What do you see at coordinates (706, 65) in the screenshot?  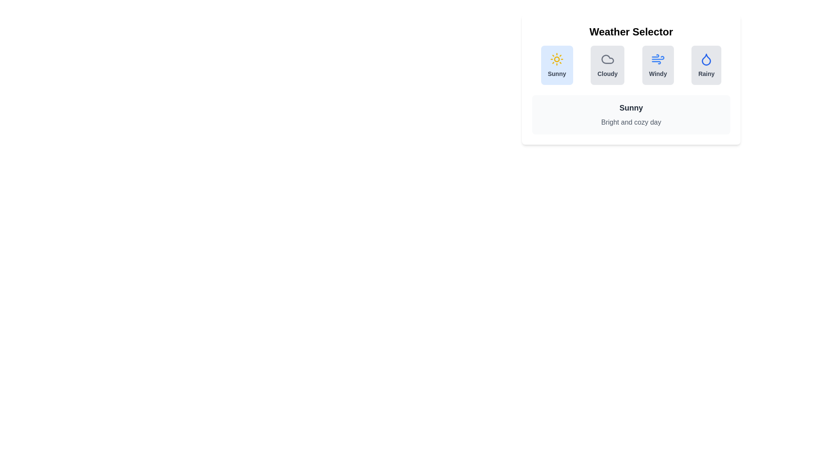 I see `the 'Rainy' button, which is a rectangular button with a rounded border, a light gray background, a blue water droplet icon at the top, and the label 'Rainy' in bold, dark gray text centered below the icon` at bounding box center [706, 65].